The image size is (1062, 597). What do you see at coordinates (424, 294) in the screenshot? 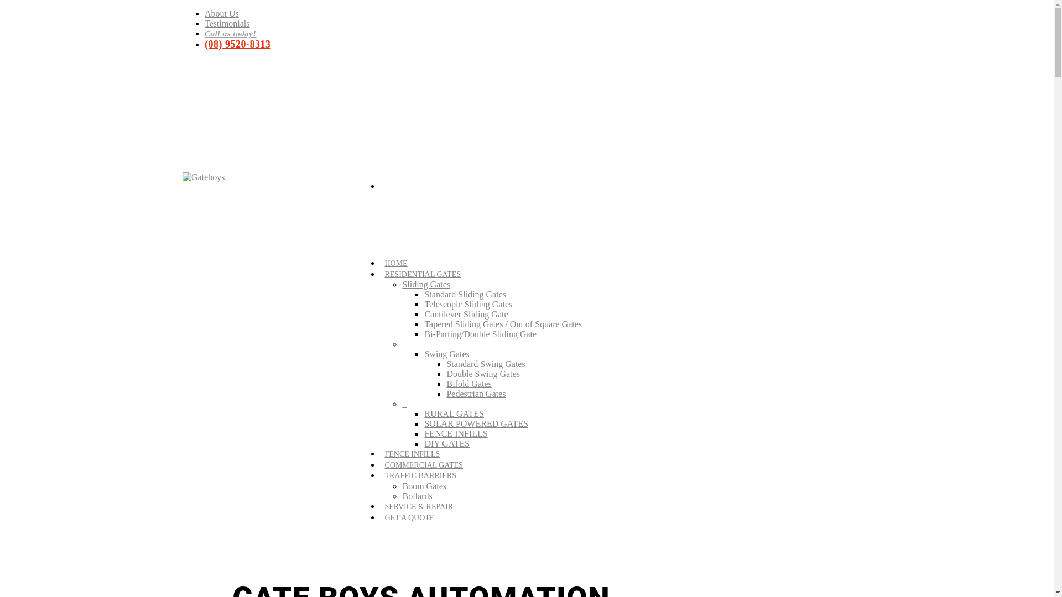
I see `'Standard Sliding Gates'` at bounding box center [424, 294].